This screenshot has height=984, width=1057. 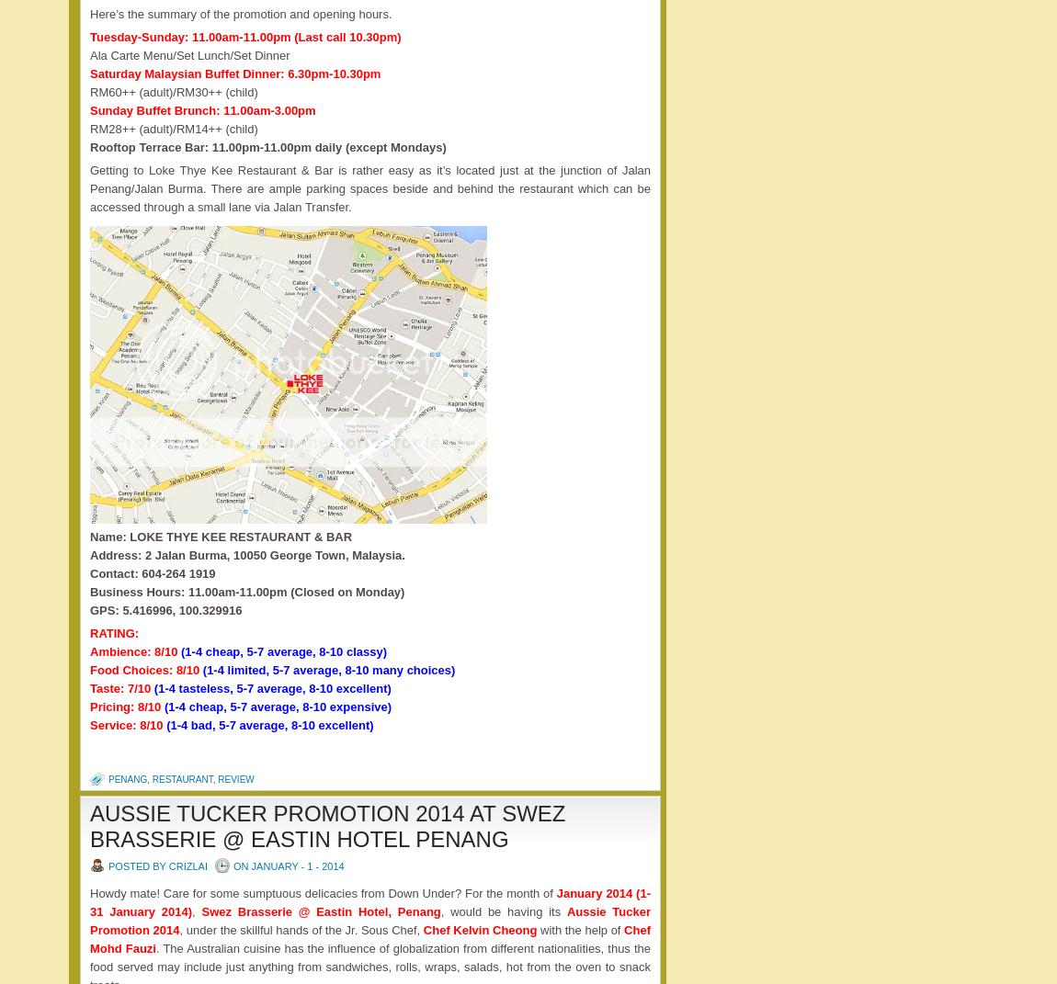 What do you see at coordinates (107, 865) in the screenshot?
I see `'Posted by crizlai'` at bounding box center [107, 865].